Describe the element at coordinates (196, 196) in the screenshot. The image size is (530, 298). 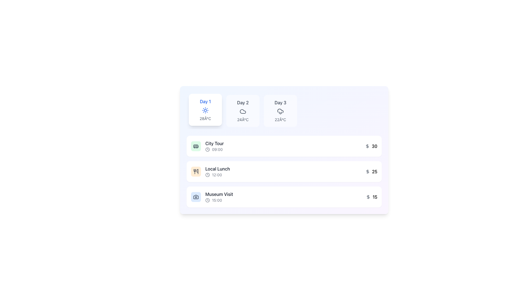
I see `the stylized camera icon with a light blue fill and gray outline, located to the left of the 'Museum Visit' text in the third list item from the top` at that location.